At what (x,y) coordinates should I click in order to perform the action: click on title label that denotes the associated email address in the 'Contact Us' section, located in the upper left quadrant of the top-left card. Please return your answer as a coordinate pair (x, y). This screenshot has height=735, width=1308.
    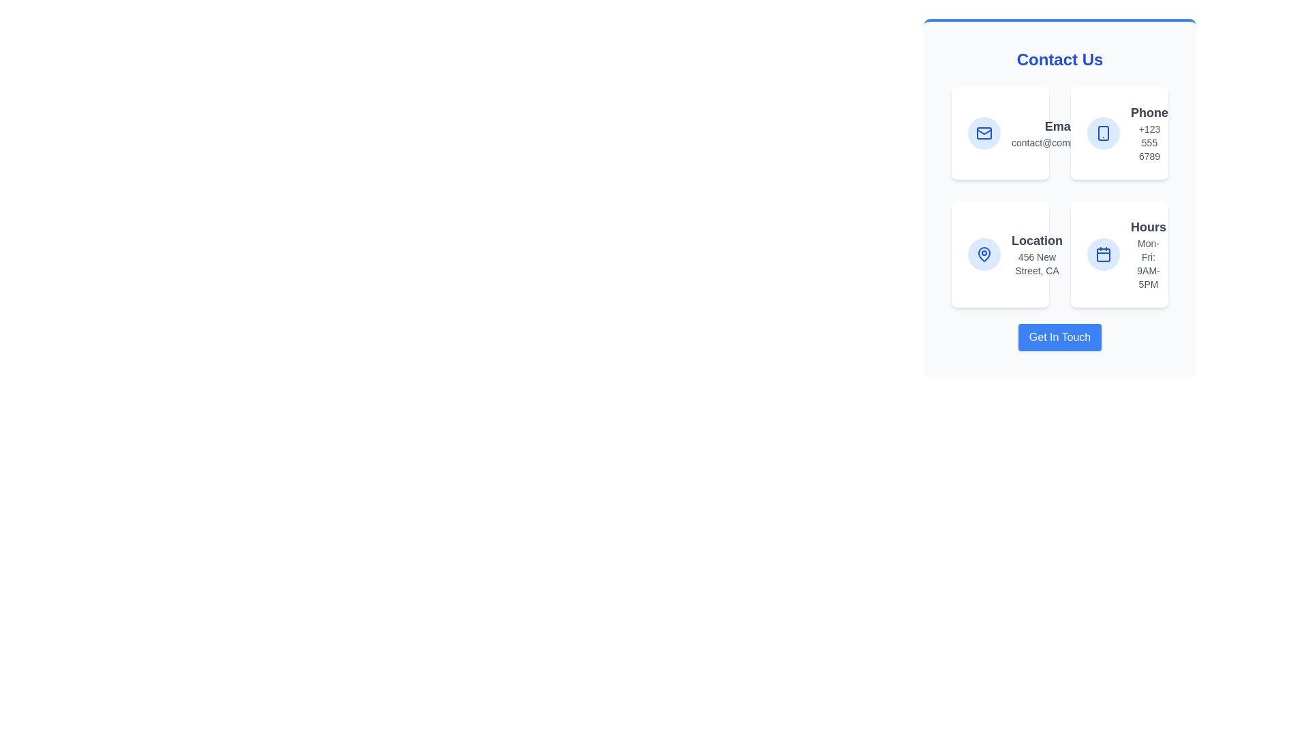
    Looking at the image, I should click on (1060, 126).